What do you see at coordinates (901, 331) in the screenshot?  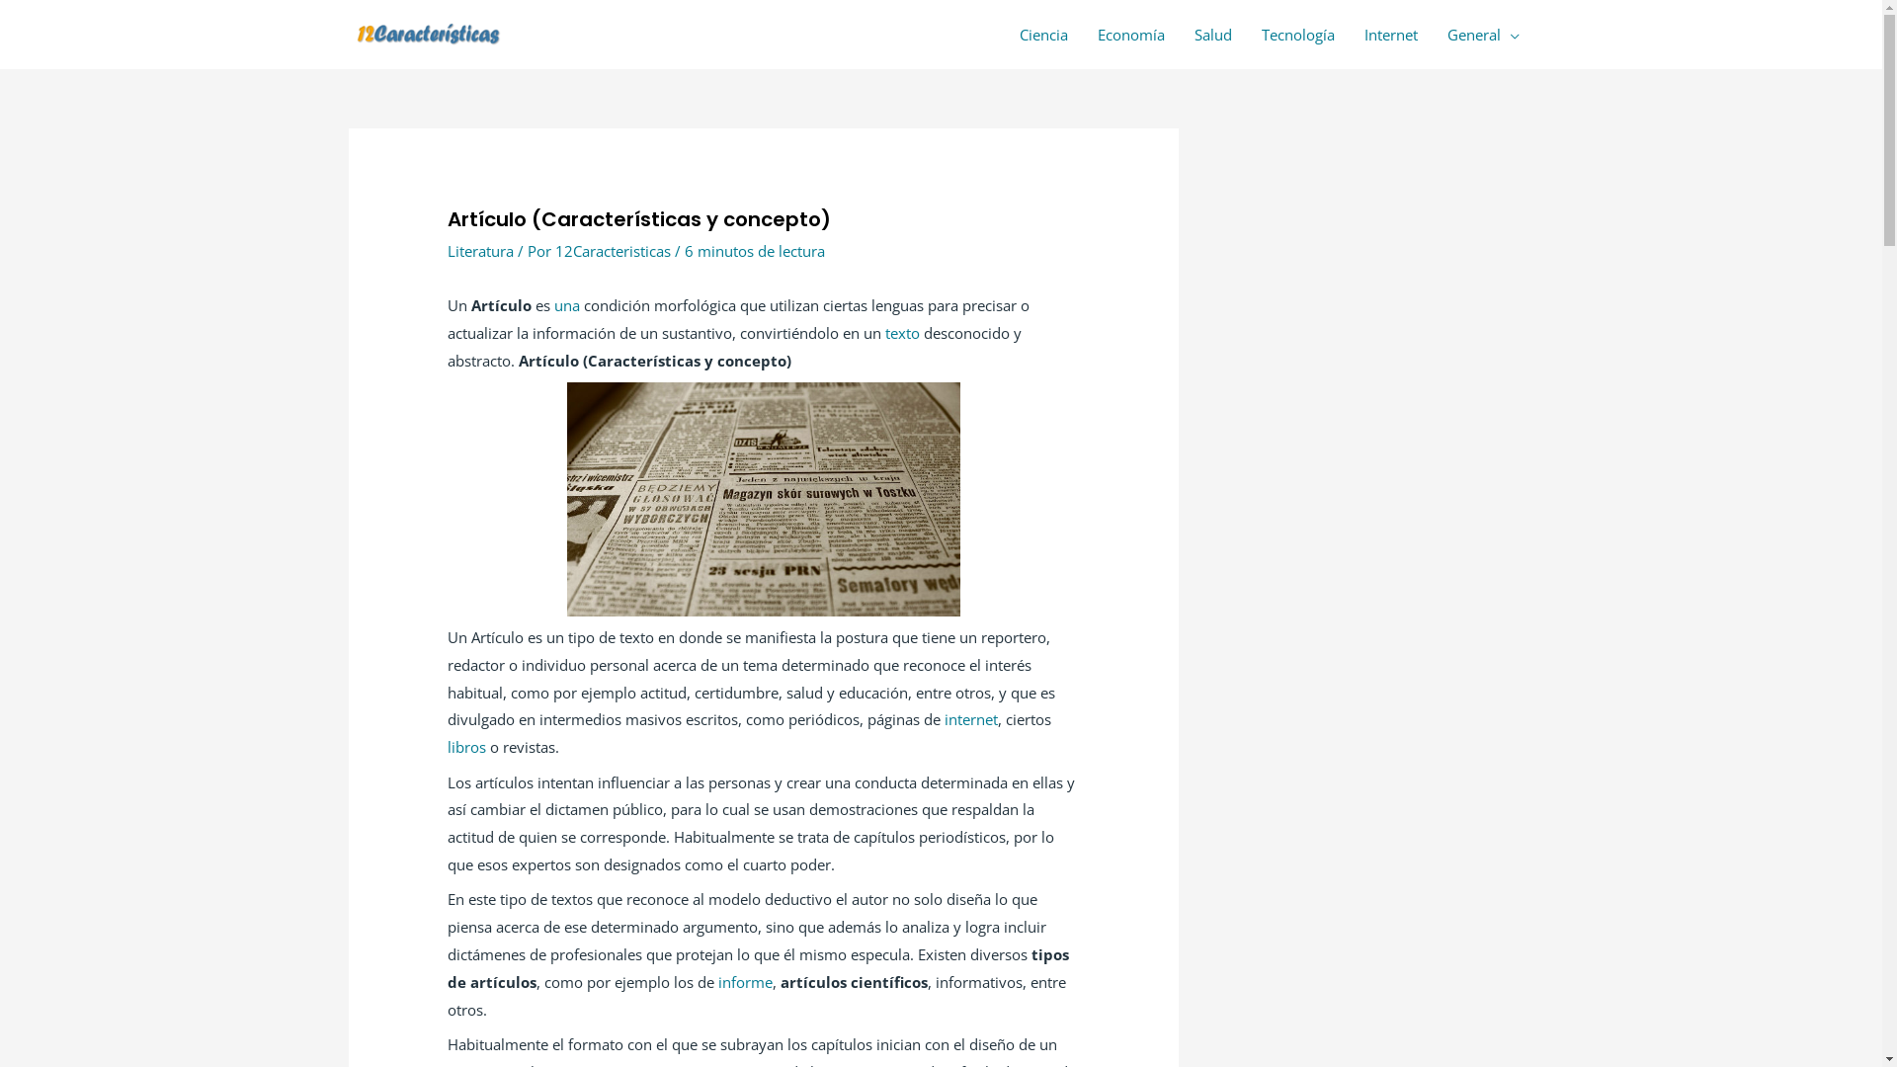 I see `'texto'` at bounding box center [901, 331].